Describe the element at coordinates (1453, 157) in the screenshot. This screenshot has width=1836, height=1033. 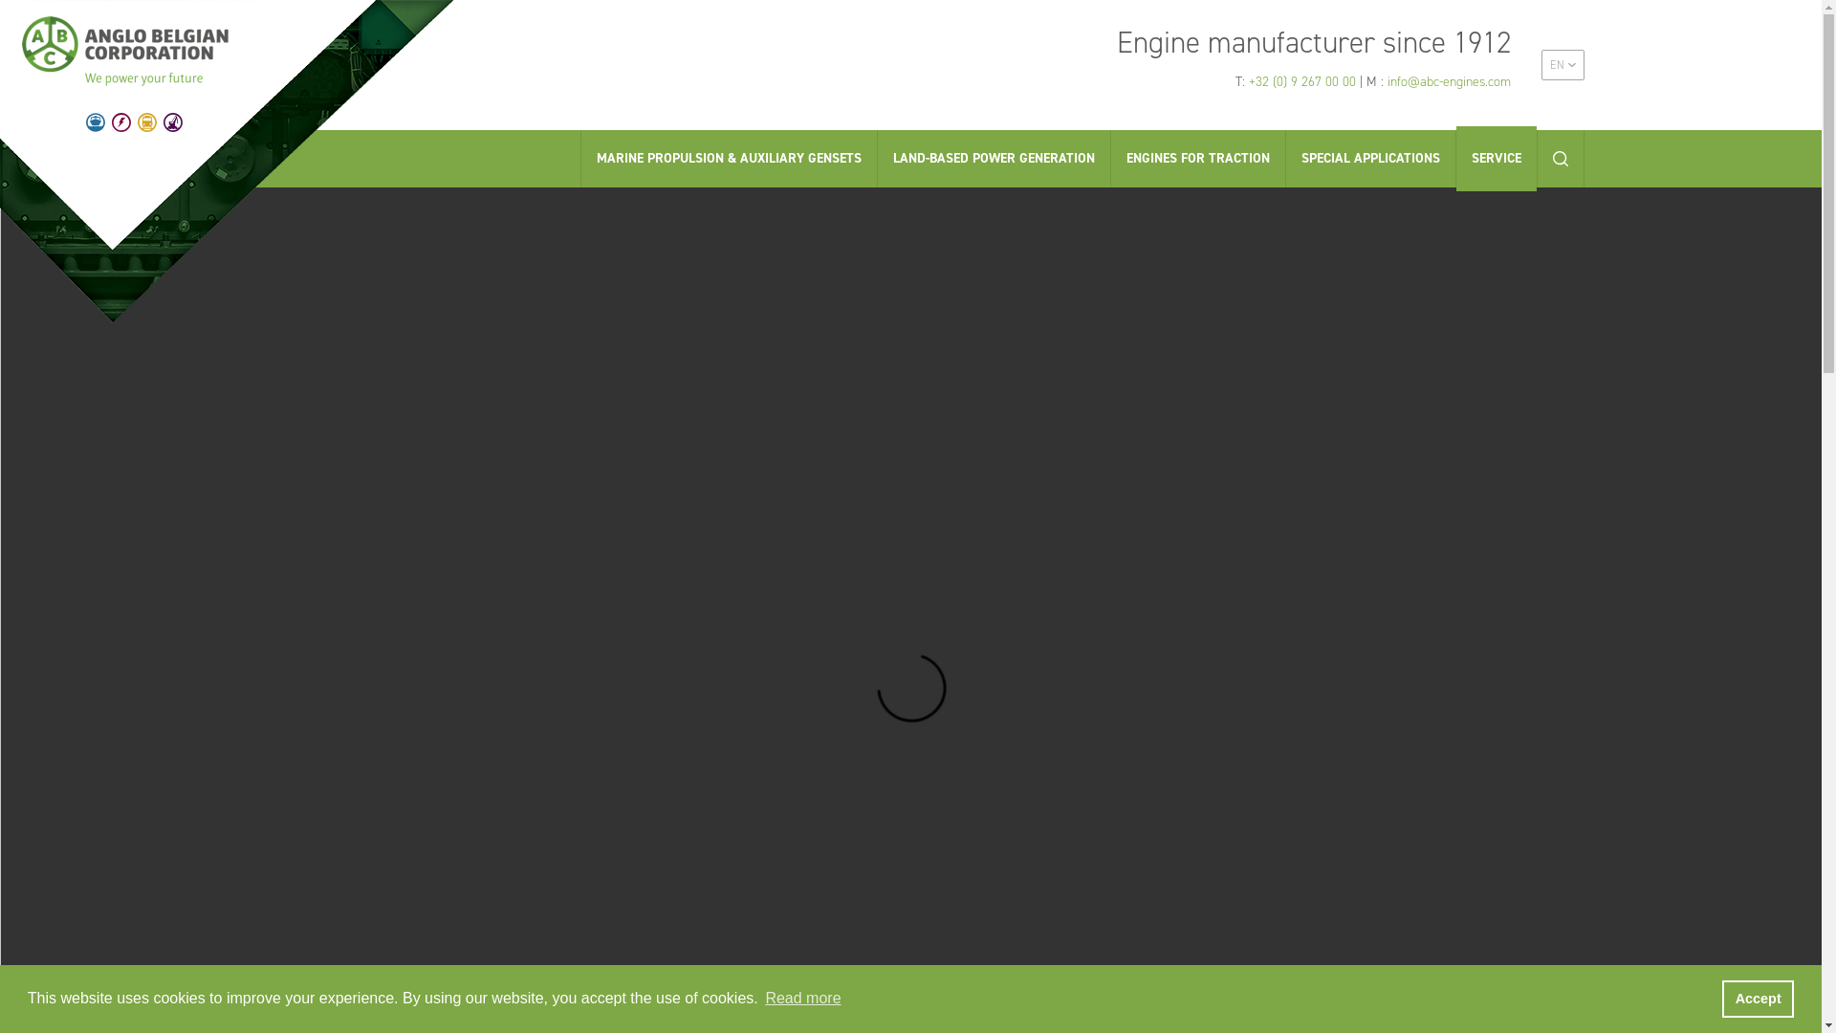
I see `'SERVICE'` at that location.